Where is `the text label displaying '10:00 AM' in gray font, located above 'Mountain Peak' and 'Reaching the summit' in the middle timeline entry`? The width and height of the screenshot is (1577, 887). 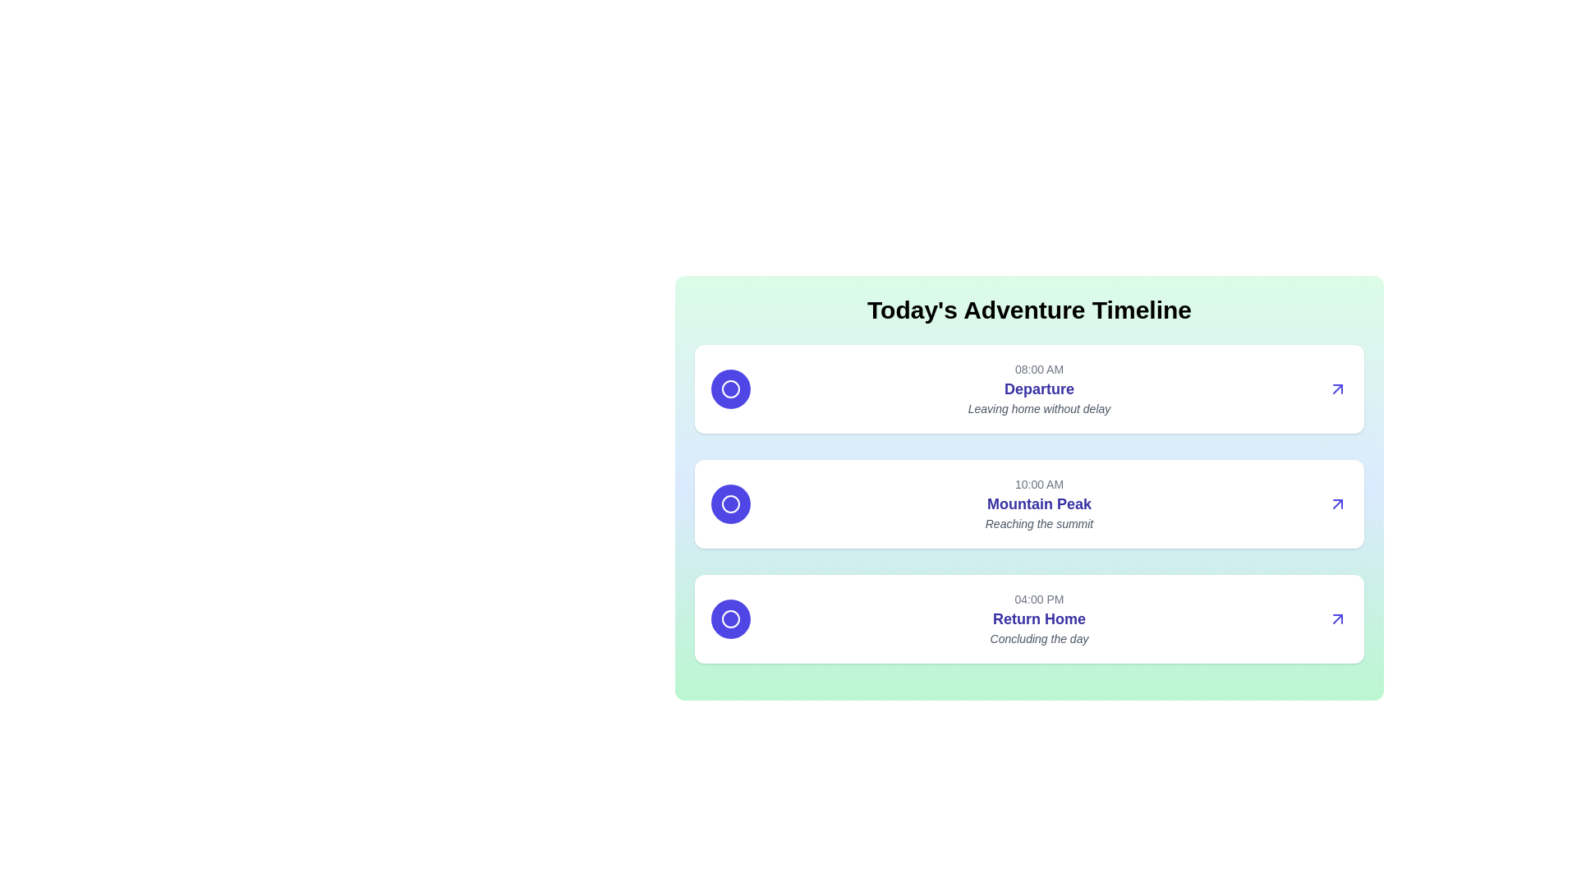
the text label displaying '10:00 AM' in gray font, located above 'Mountain Peak' and 'Reaching the summit' in the middle timeline entry is located at coordinates (1038, 484).